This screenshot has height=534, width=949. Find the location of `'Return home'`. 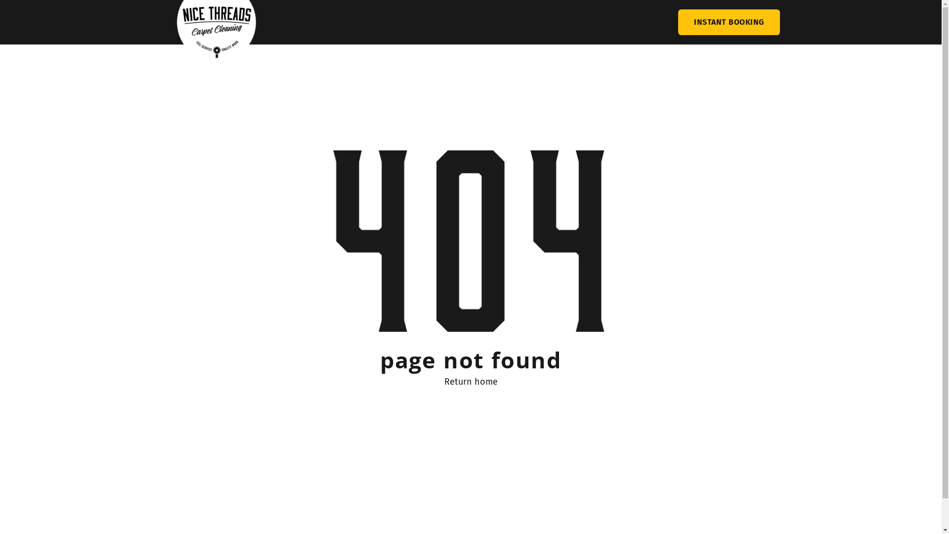

'Return home' is located at coordinates (470, 381).